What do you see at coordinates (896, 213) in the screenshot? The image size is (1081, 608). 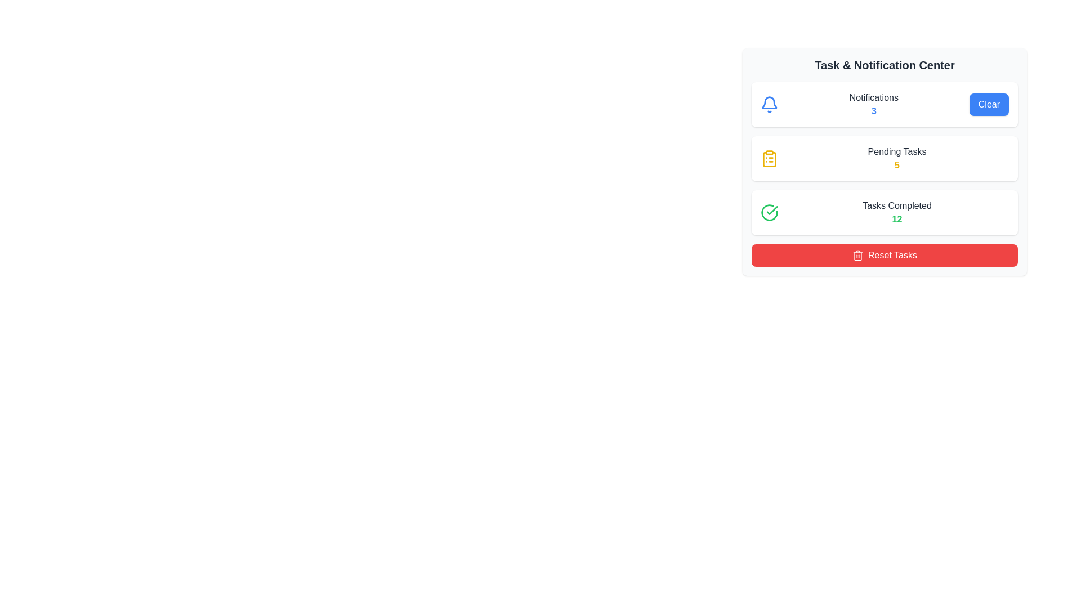 I see `the Text Display that shows the count of completed tasks located in the 'Task & Notification Center' card, positioned to the right of a circular green check icon` at bounding box center [896, 213].